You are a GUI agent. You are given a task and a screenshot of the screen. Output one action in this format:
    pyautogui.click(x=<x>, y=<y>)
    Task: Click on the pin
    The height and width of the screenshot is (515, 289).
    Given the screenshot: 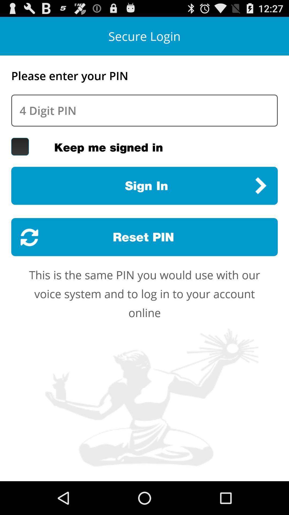 What is the action you would take?
    pyautogui.click(x=144, y=110)
    